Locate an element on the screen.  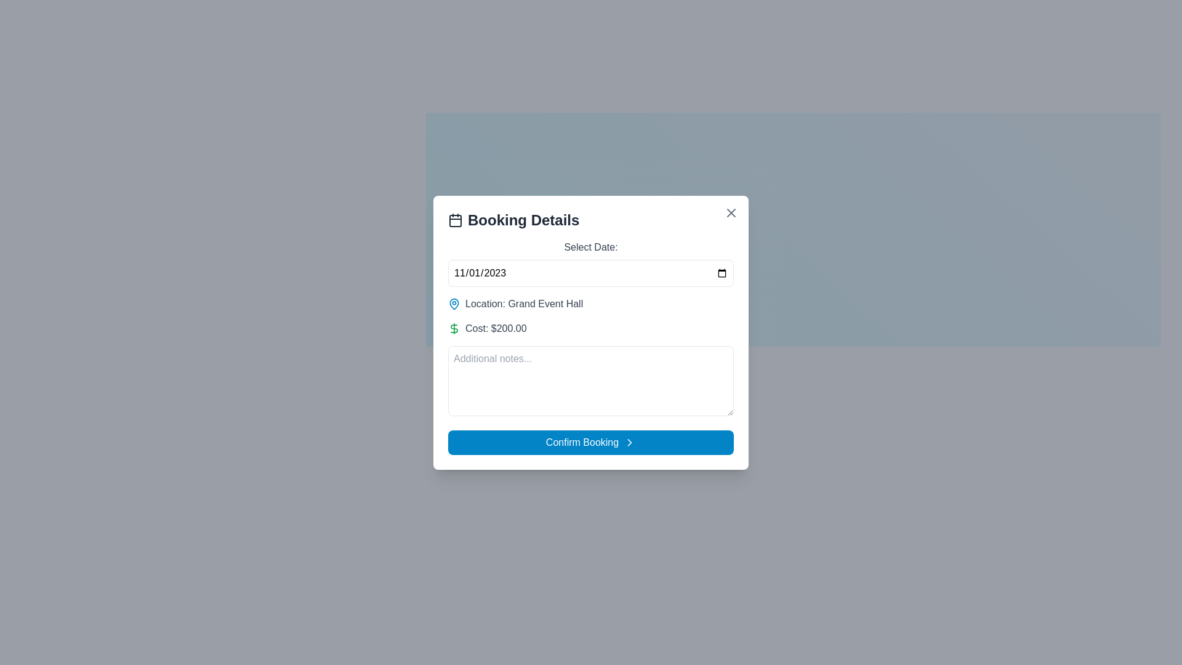
the rectangular blue button labeled 'Confirm Booking' with a right-arrow icon is located at coordinates (591, 441).